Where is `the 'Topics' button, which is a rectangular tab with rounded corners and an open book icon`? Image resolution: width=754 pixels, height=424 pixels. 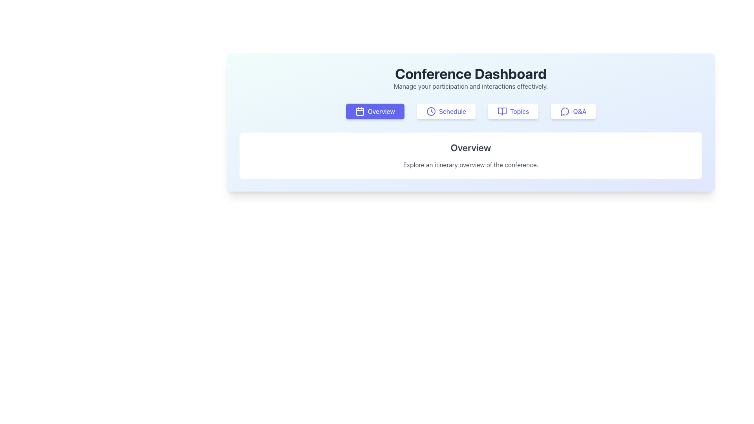 the 'Topics' button, which is a rectangular tab with rounded corners and an open book icon is located at coordinates (513, 111).